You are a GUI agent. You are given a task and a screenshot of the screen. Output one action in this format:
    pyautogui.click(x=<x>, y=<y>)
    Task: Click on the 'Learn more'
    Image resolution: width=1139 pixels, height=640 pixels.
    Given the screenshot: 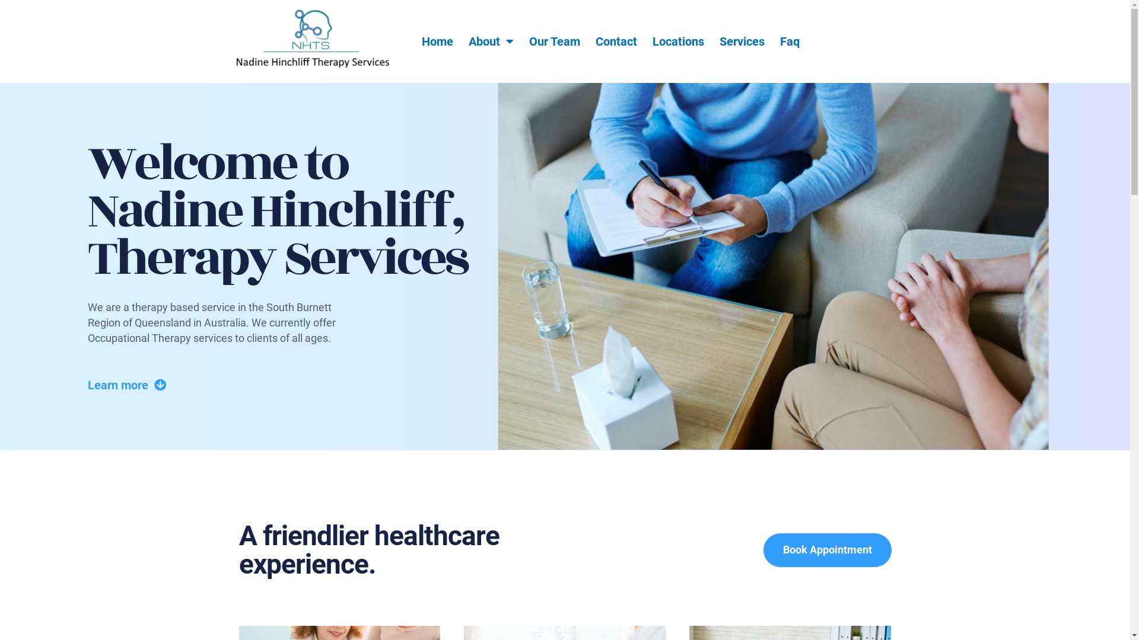 What is the action you would take?
    pyautogui.click(x=127, y=385)
    